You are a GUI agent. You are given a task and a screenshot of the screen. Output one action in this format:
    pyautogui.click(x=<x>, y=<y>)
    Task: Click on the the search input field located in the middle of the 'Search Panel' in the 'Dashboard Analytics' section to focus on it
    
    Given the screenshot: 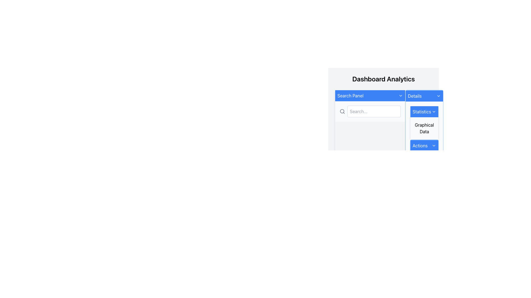 What is the action you would take?
    pyautogui.click(x=383, y=106)
    